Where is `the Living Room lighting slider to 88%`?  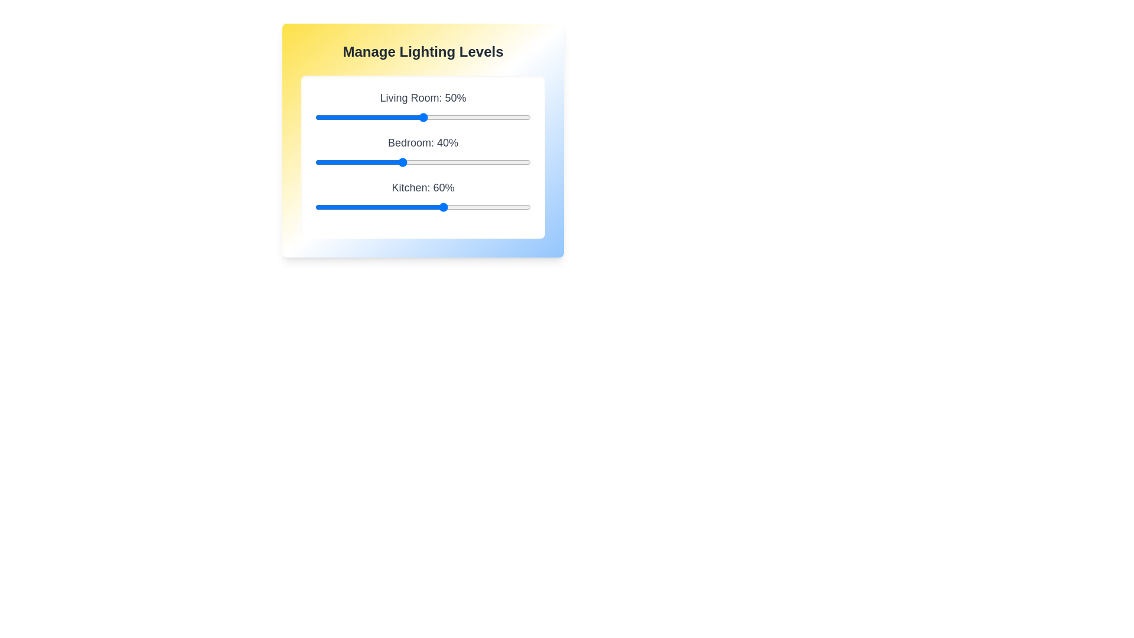 the Living Room lighting slider to 88% is located at coordinates (505, 118).